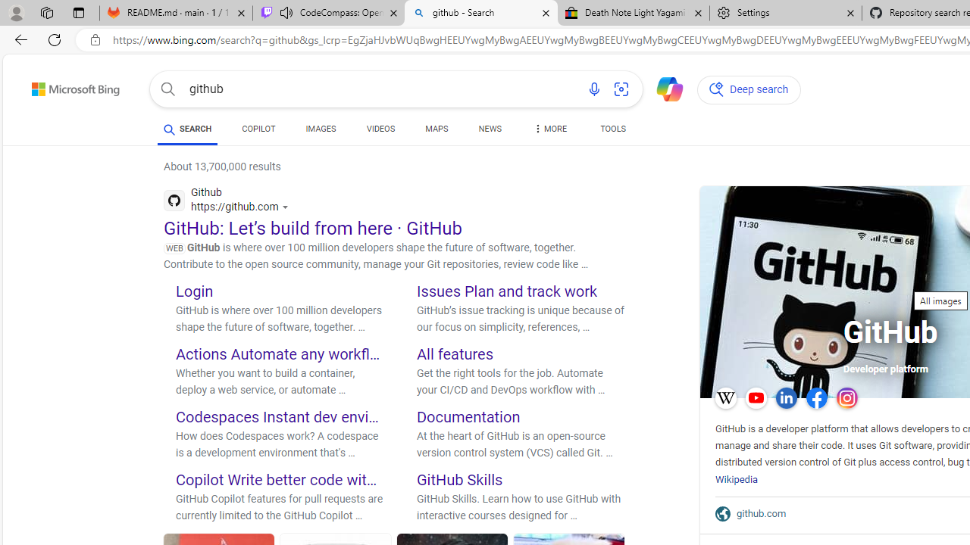 This screenshot has height=545, width=970. What do you see at coordinates (454, 353) in the screenshot?
I see `'All features'` at bounding box center [454, 353].